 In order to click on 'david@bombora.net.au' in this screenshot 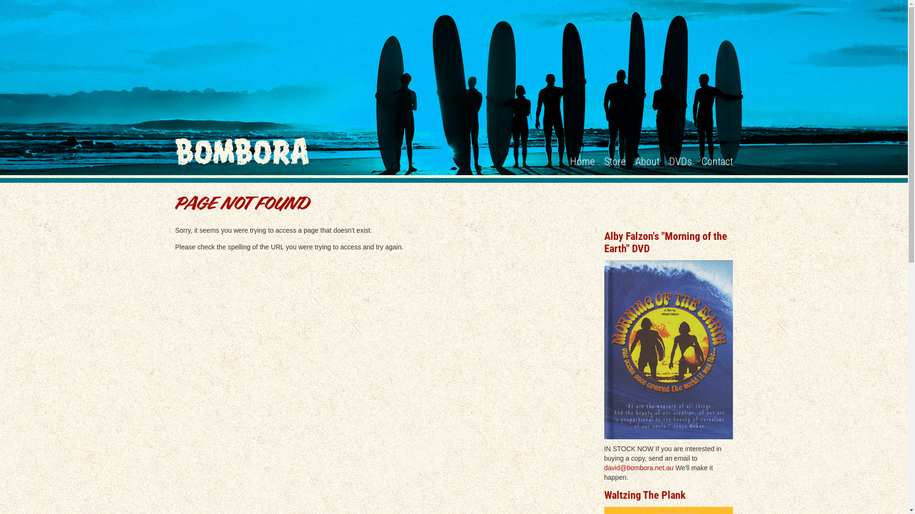, I will do `click(639, 467)`.